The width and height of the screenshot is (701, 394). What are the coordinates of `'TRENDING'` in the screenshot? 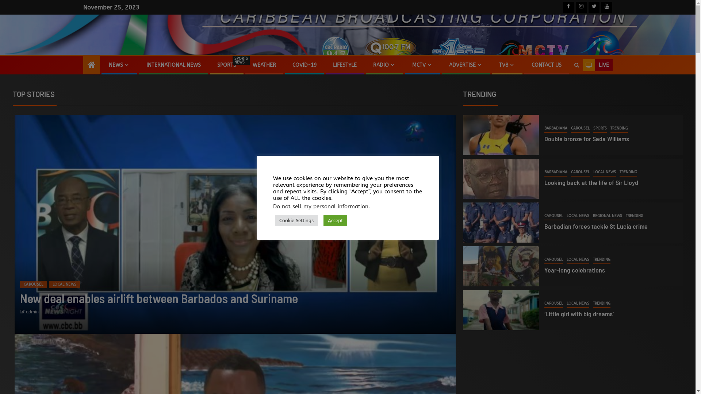 It's located at (634, 216).